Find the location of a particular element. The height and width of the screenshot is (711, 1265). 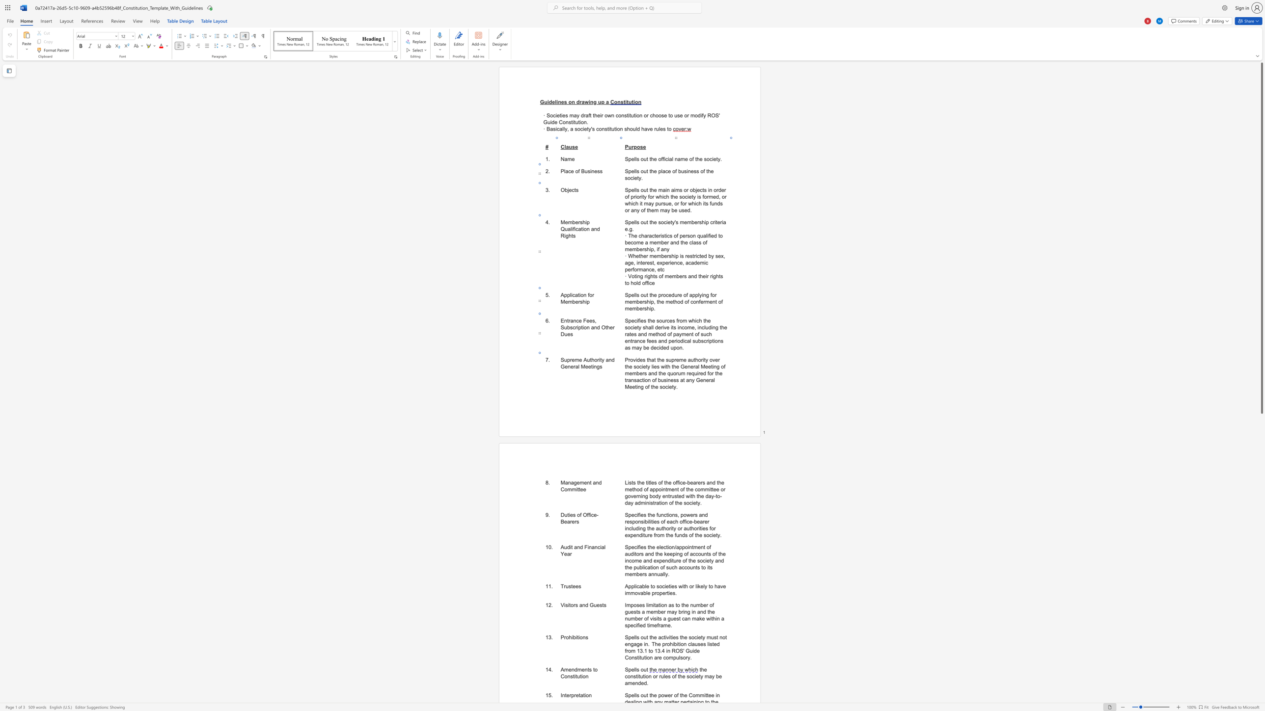

the 2th character "t" in the text is located at coordinates (579, 695).